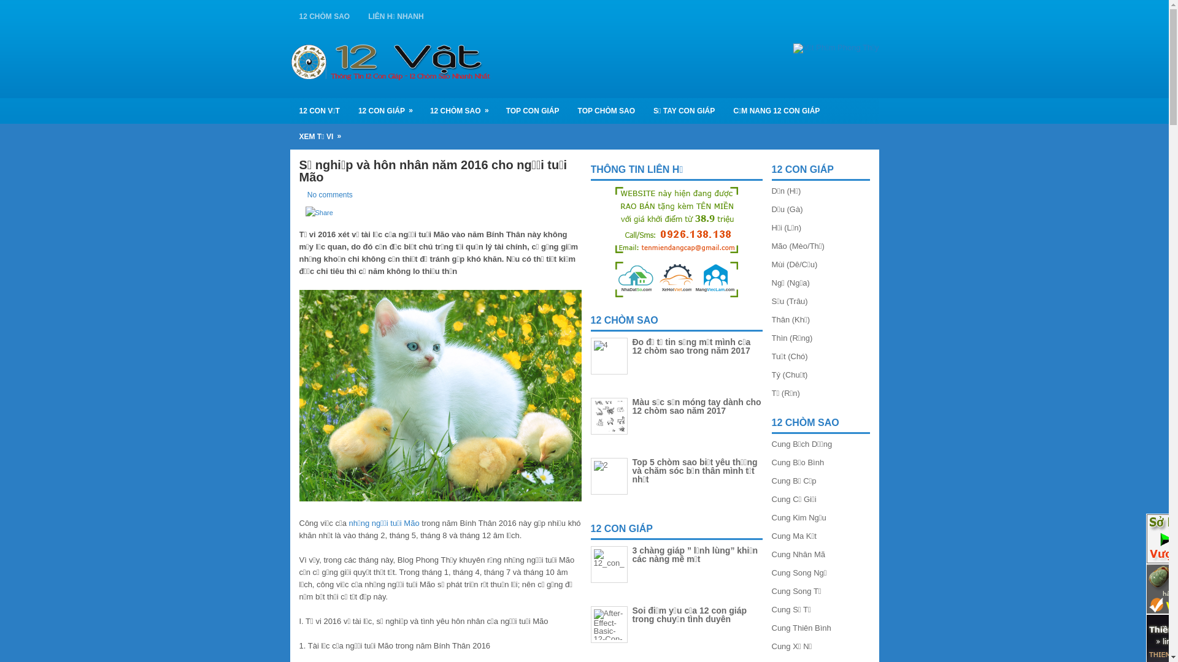 This screenshot has width=1178, height=662. What do you see at coordinates (329, 194) in the screenshot?
I see `'No comments'` at bounding box center [329, 194].